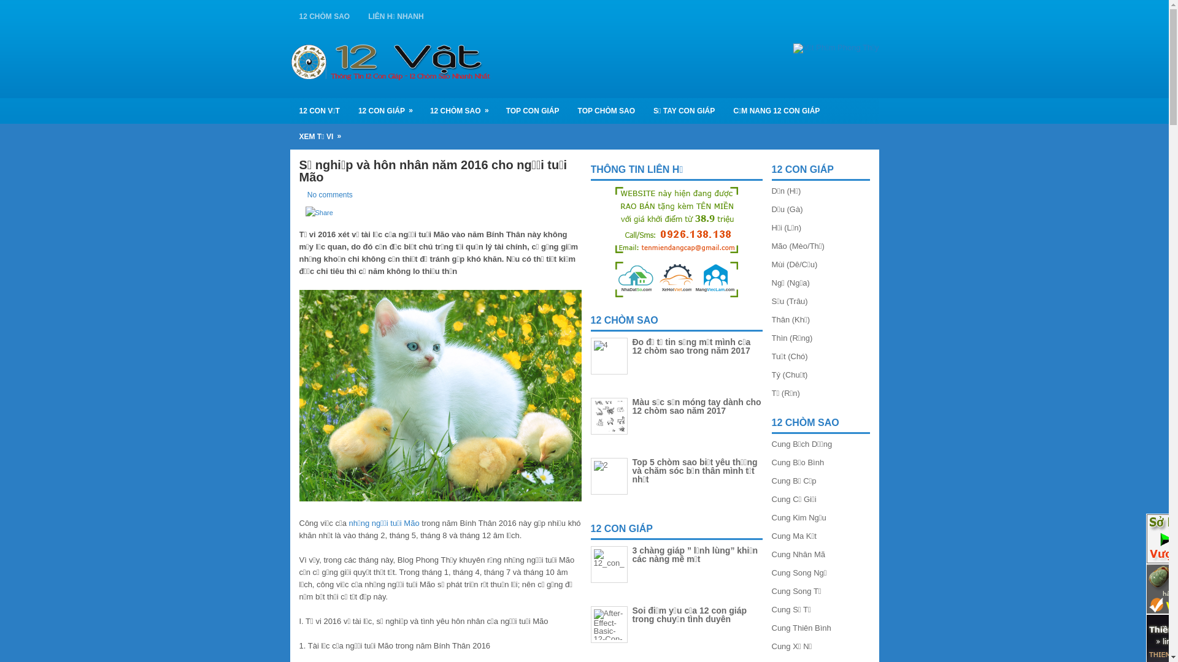 This screenshot has width=1178, height=662. What do you see at coordinates (329, 194) in the screenshot?
I see `'No comments'` at bounding box center [329, 194].